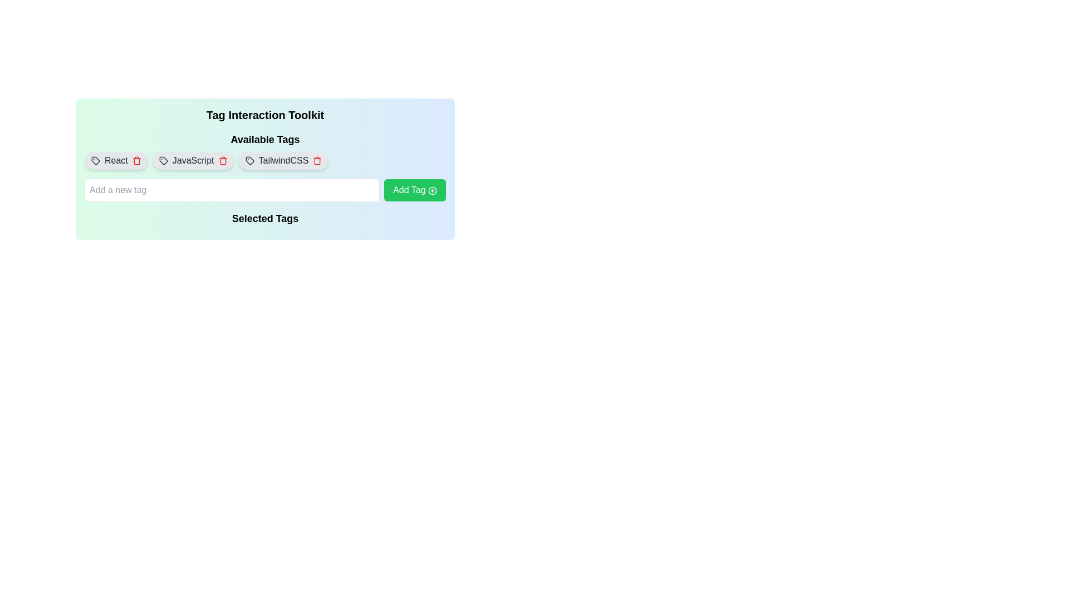 Image resolution: width=1069 pixels, height=601 pixels. I want to click on the vector graphic element resembling a tag icon, which is part of an SVG icon located to the right of the 'TailwindCSS' tag button in the 'Available Tags' section, so click(249, 161).